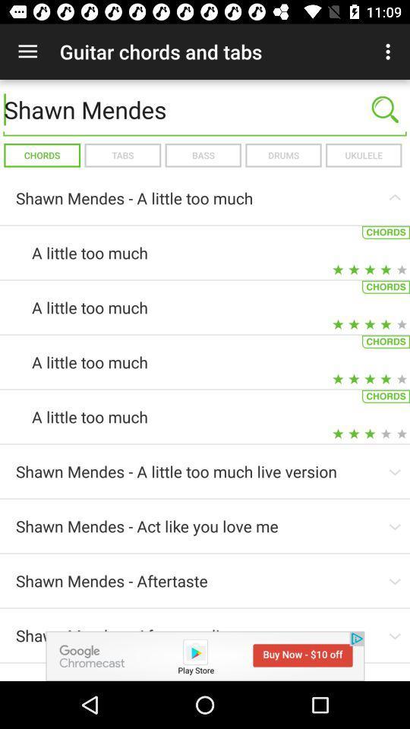  What do you see at coordinates (203, 155) in the screenshot?
I see `icon to the left of the drums icon` at bounding box center [203, 155].